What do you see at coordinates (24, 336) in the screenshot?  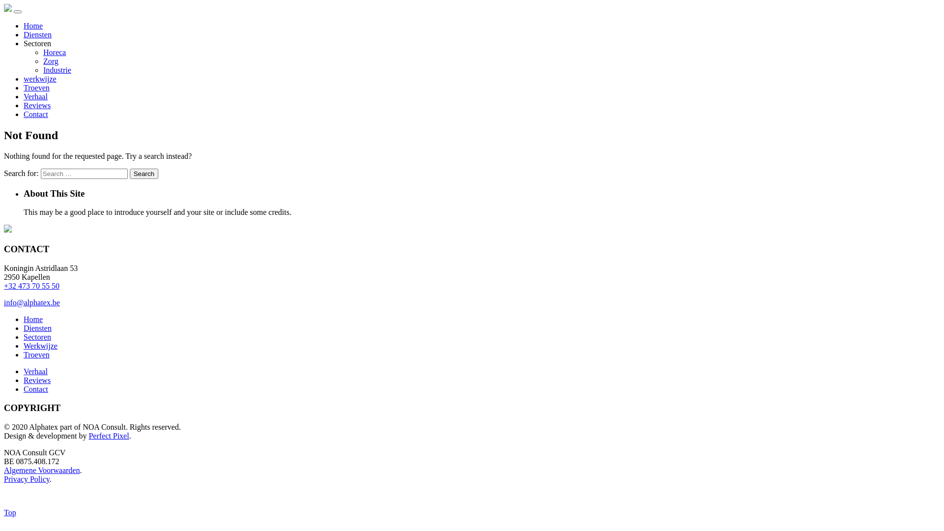 I see `'Sectoren'` at bounding box center [24, 336].